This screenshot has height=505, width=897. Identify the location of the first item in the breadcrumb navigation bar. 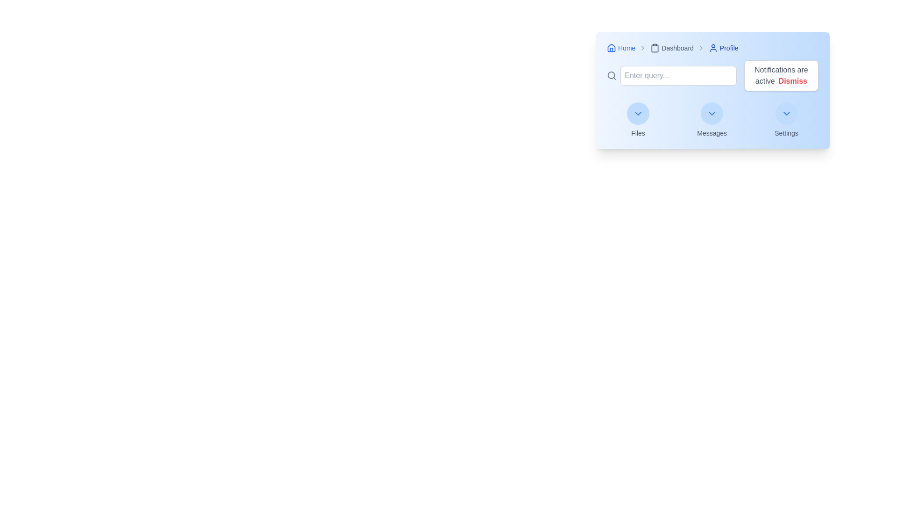
(621, 48).